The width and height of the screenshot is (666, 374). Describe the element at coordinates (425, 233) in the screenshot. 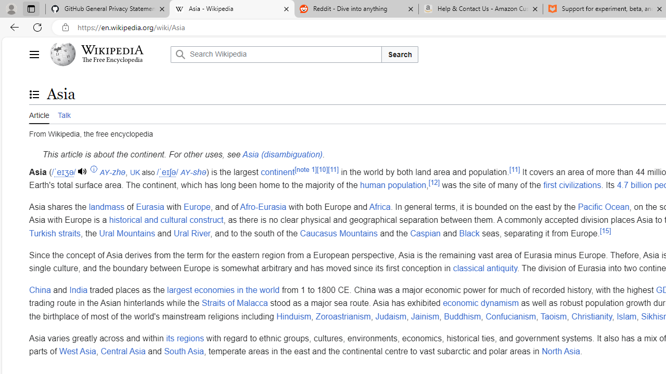

I see `'Caspian'` at that location.